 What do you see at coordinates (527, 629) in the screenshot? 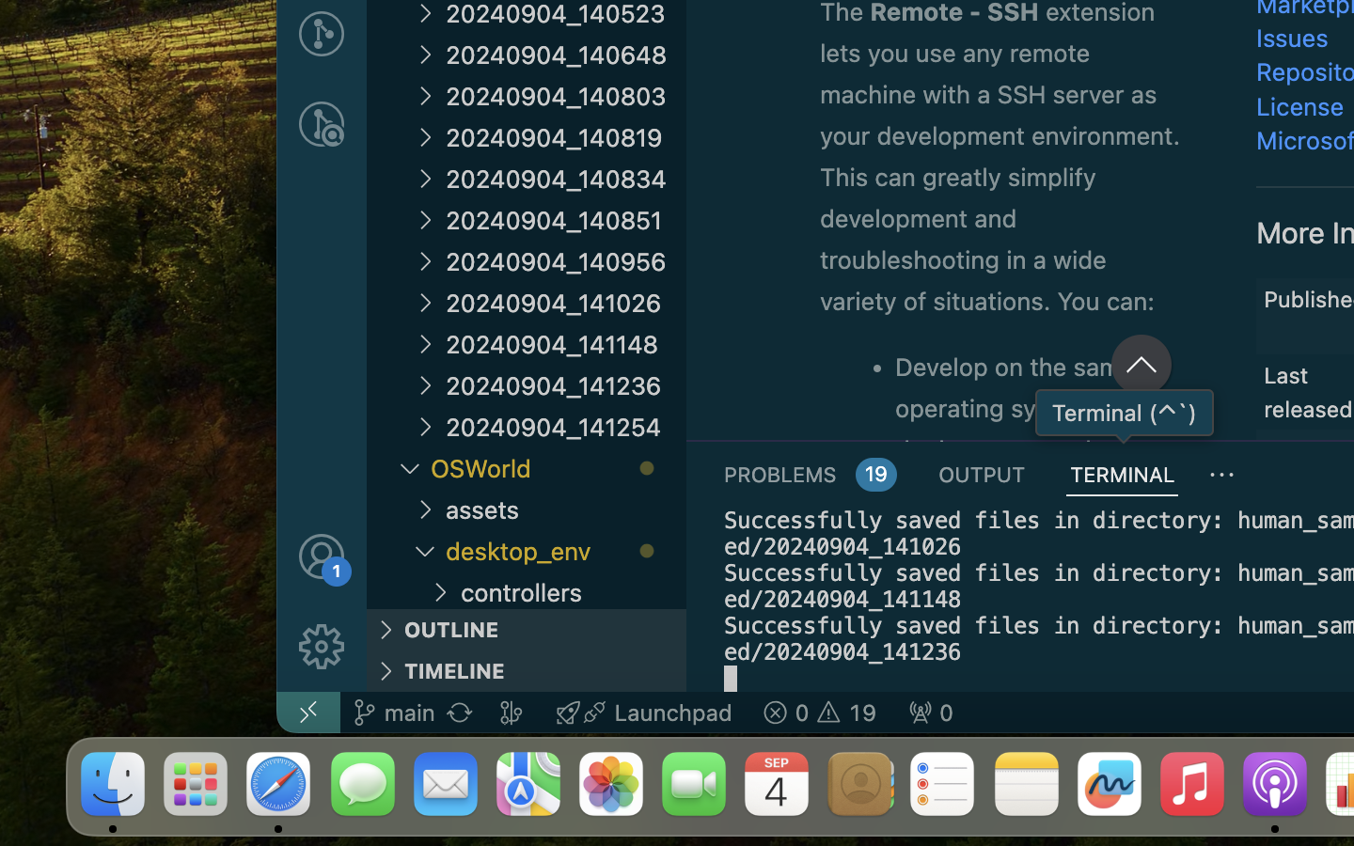
I see `'OUTLINE '` at bounding box center [527, 629].